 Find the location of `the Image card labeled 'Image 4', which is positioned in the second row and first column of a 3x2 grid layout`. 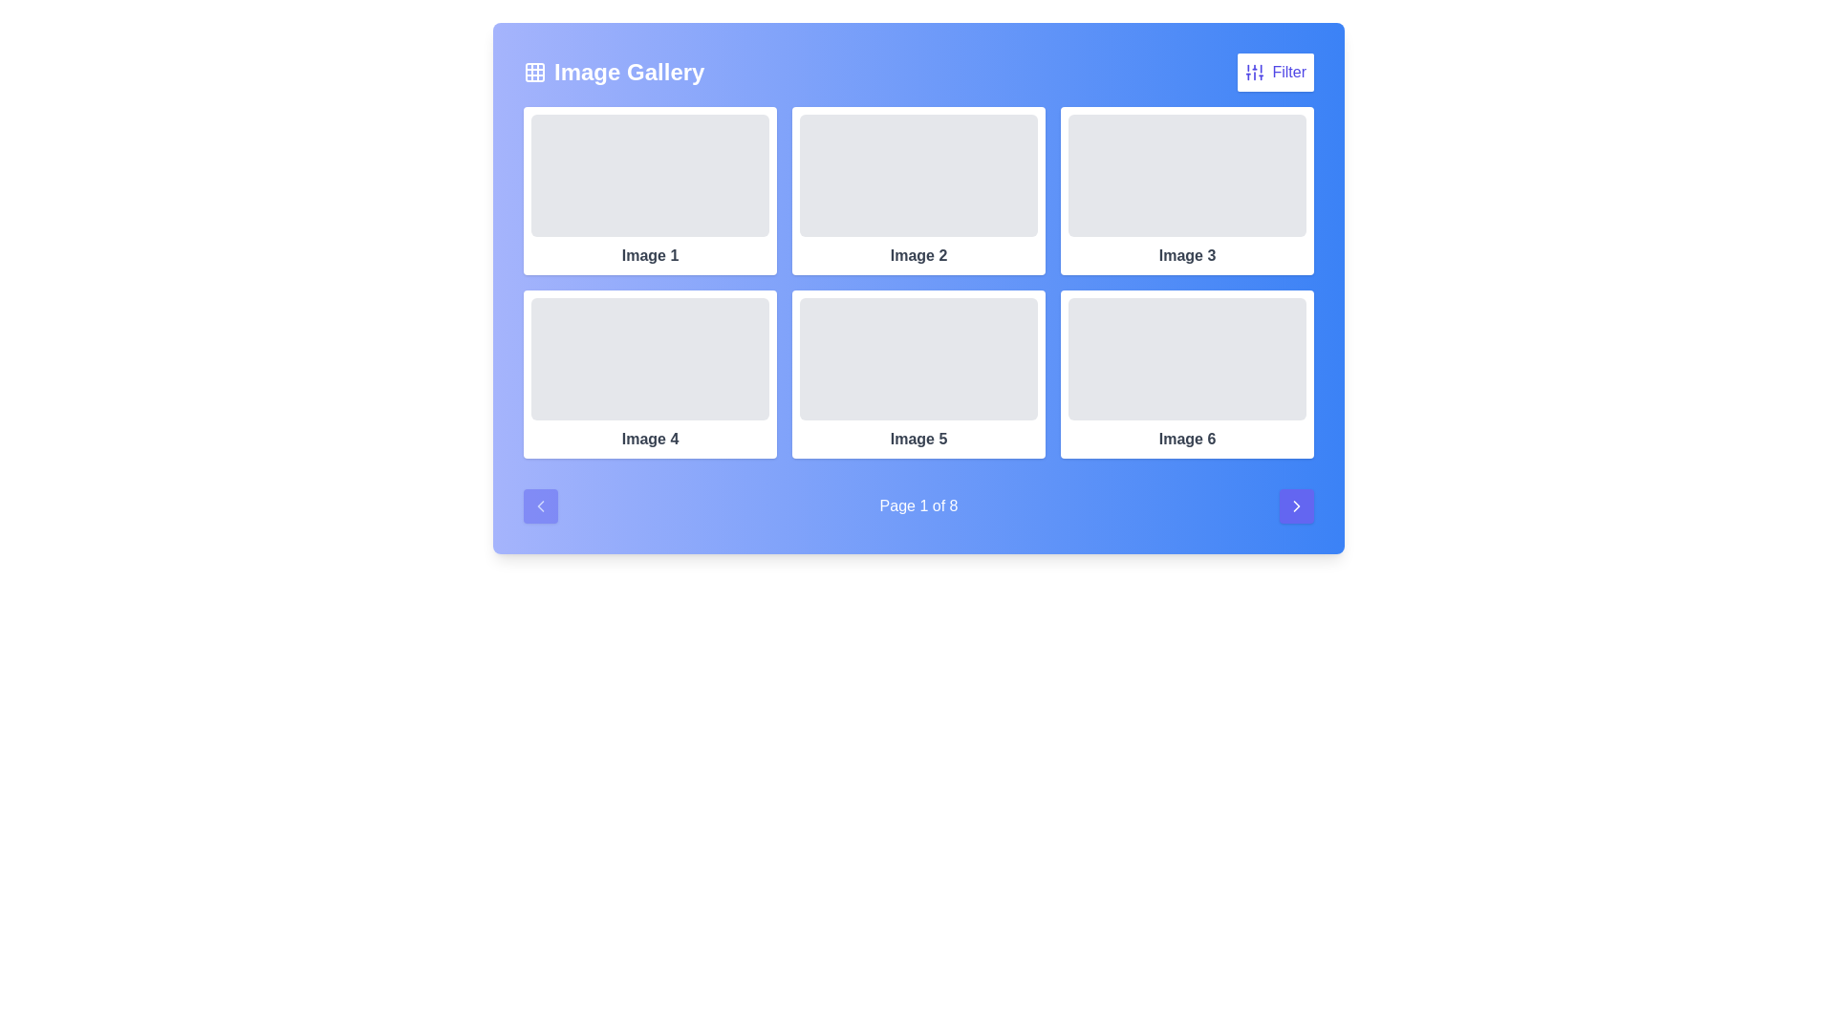

the Image card labeled 'Image 4', which is positioned in the second row and first column of a 3x2 grid layout is located at coordinates (650, 375).